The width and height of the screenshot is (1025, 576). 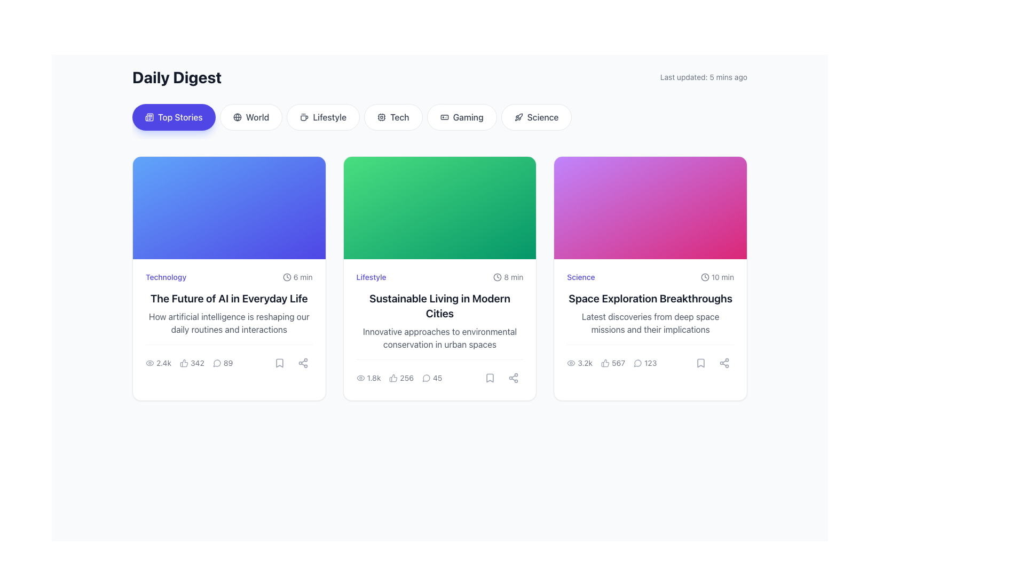 What do you see at coordinates (724, 363) in the screenshot?
I see `the circular share icon button located in the bottom-right corner of the 'Space Exploration Breakthroughs' card` at bounding box center [724, 363].